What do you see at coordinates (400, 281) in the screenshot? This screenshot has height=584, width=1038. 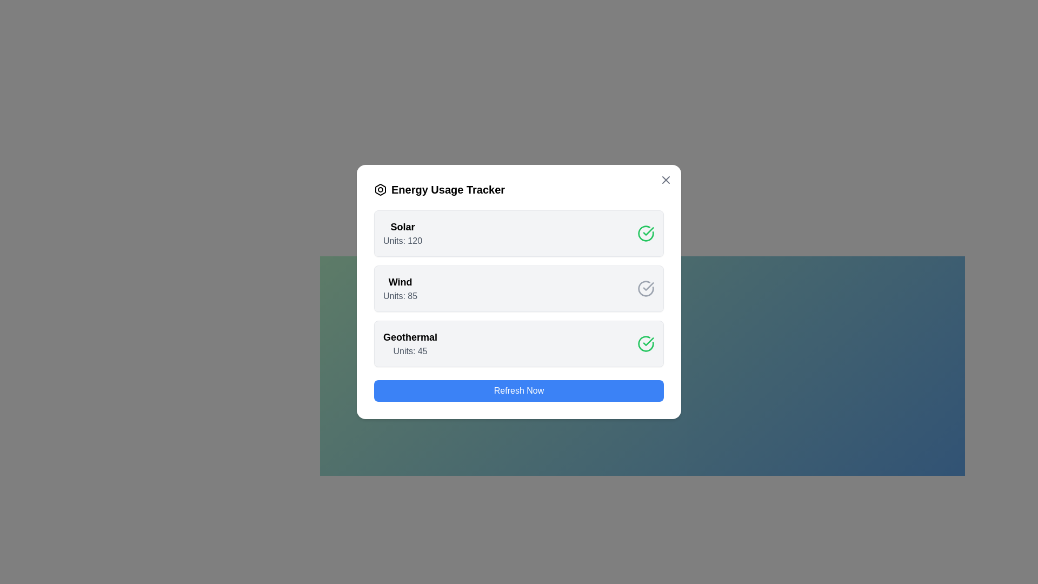 I see `the Text Label indicating wind-related metrics, which is positioned at the top of the card labeled 'Wind Units: 85'` at bounding box center [400, 281].